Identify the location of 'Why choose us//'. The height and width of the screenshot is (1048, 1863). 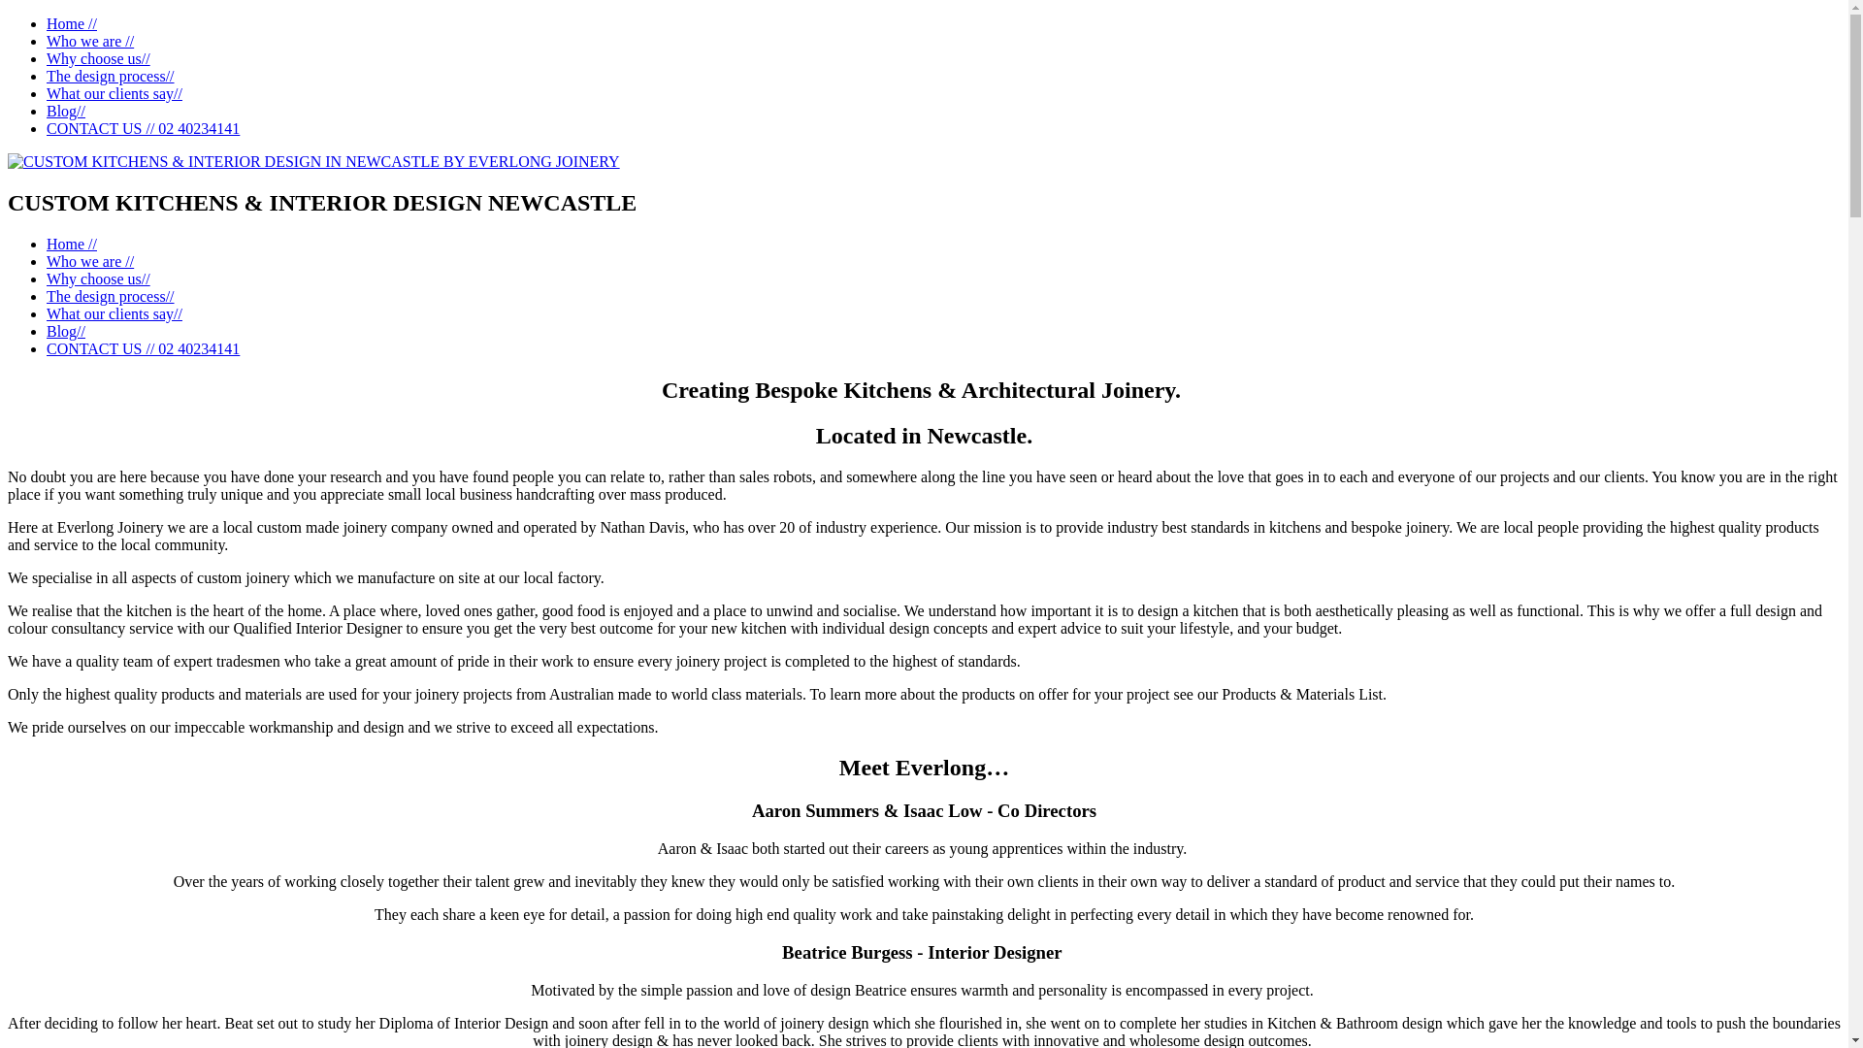
(97, 278).